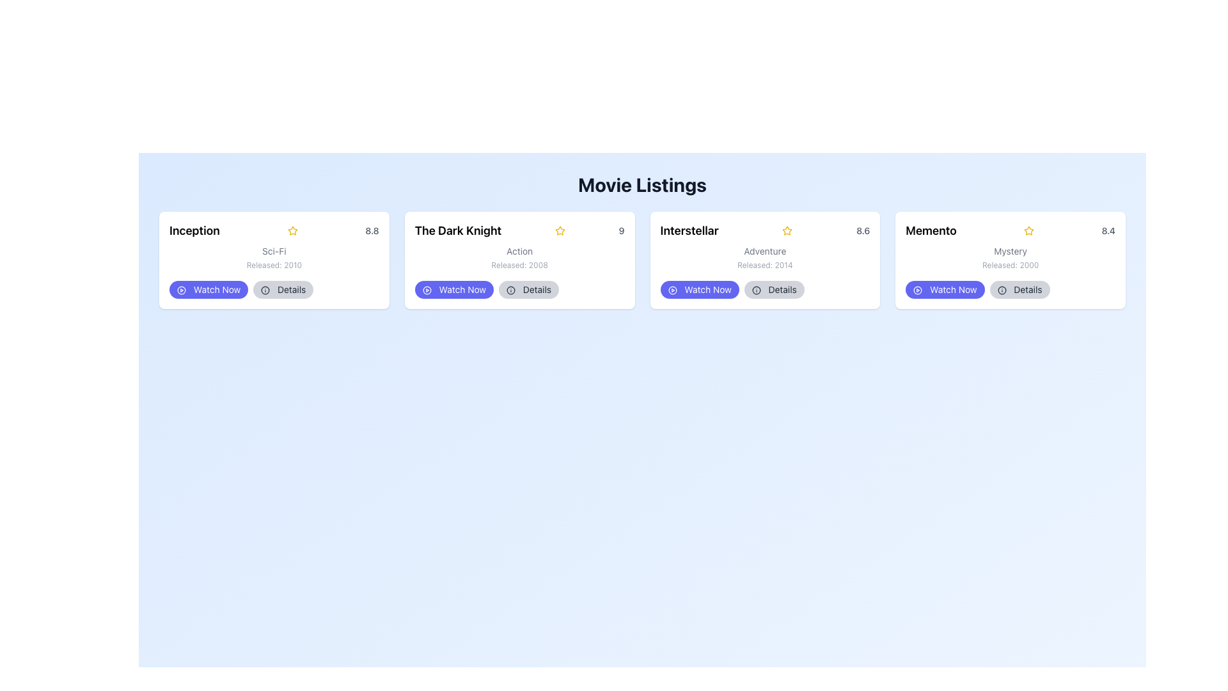 This screenshot has height=691, width=1228. What do you see at coordinates (454, 289) in the screenshot?
I see `the 'Watch Now' button, which has a rounded rectangular shape with white text on a purple background and a circular play icon on the left` at bounding box center [454, 289].